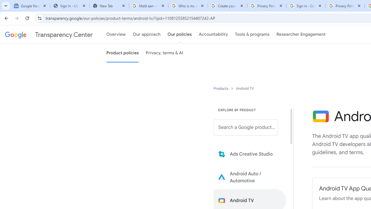 The width and height of the screenshot is (371, 209). Describe the element at coordinates (301, 35) in the screenshot. I see `'Researcher Engagement'` at that location.